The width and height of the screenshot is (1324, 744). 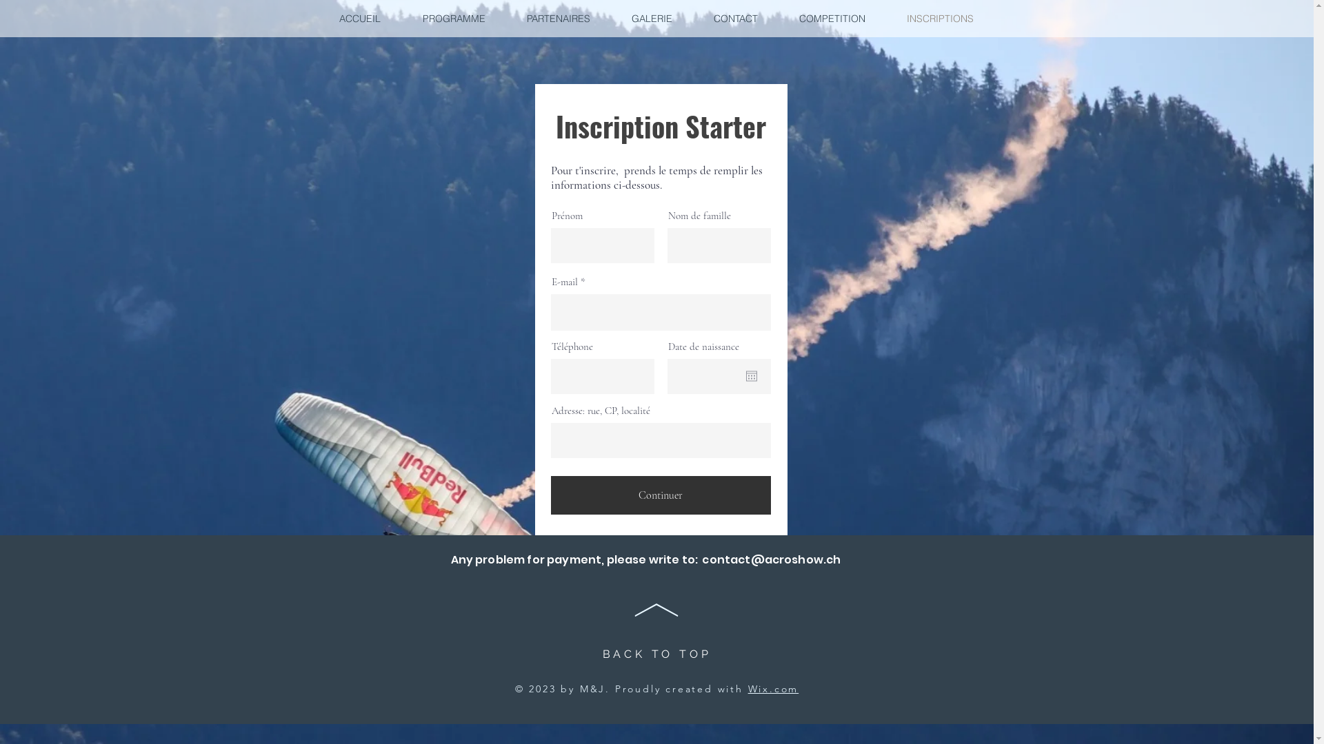 What do you see at coordinates (734, 19) in the screenshot?
I see `'CONTACT'` at bounding box center [734, 19].